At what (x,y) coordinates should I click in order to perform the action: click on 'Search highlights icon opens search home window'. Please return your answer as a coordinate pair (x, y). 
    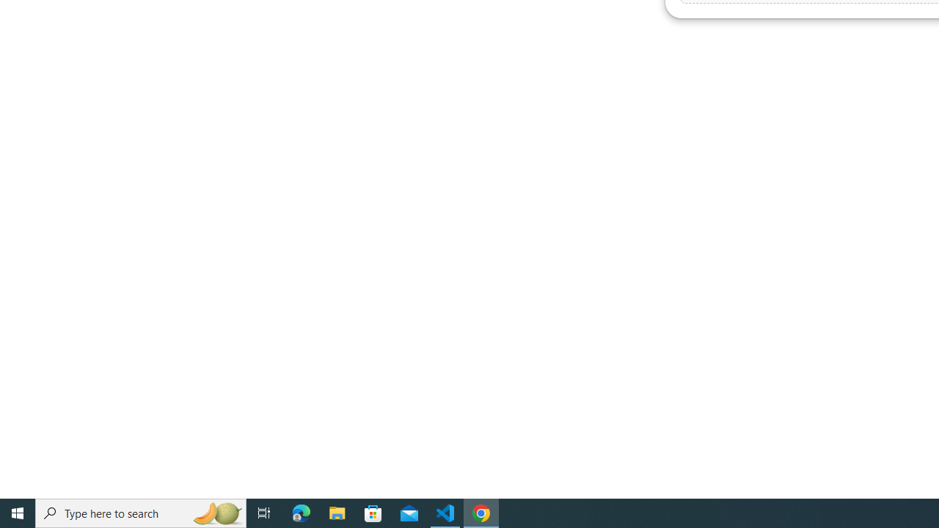
    Looking at the image, I should click on (216, 512).